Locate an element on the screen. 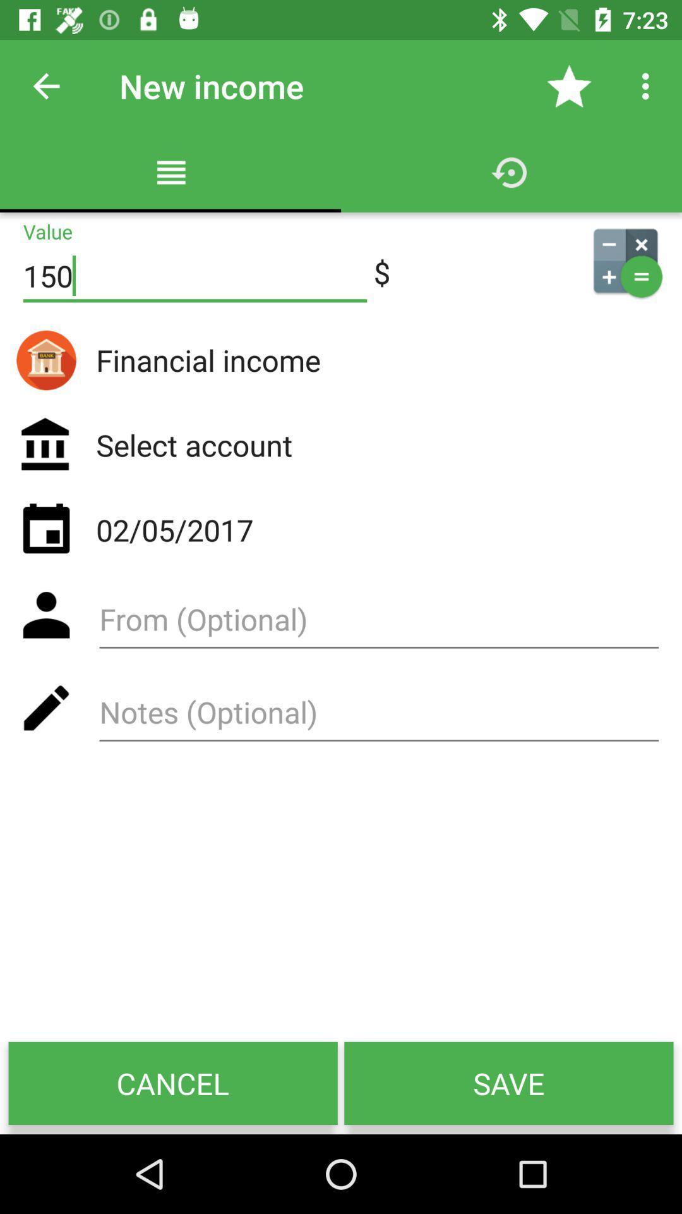 The height and width of the screenshot is (1214, 682). icon is located at coordinates (625, 260).